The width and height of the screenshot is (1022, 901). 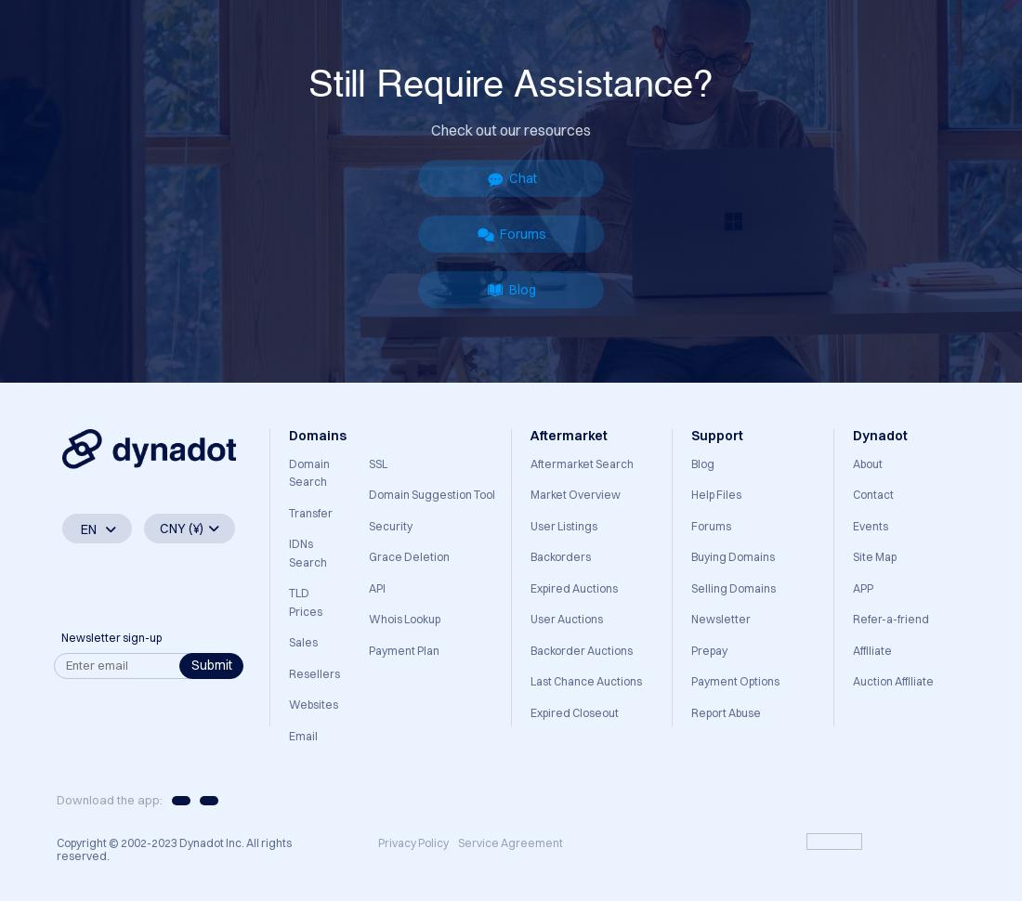 What do you see at coordinates (716, 434) in the screenshot?
I see `'Support'` at bounding box center [716, 434].